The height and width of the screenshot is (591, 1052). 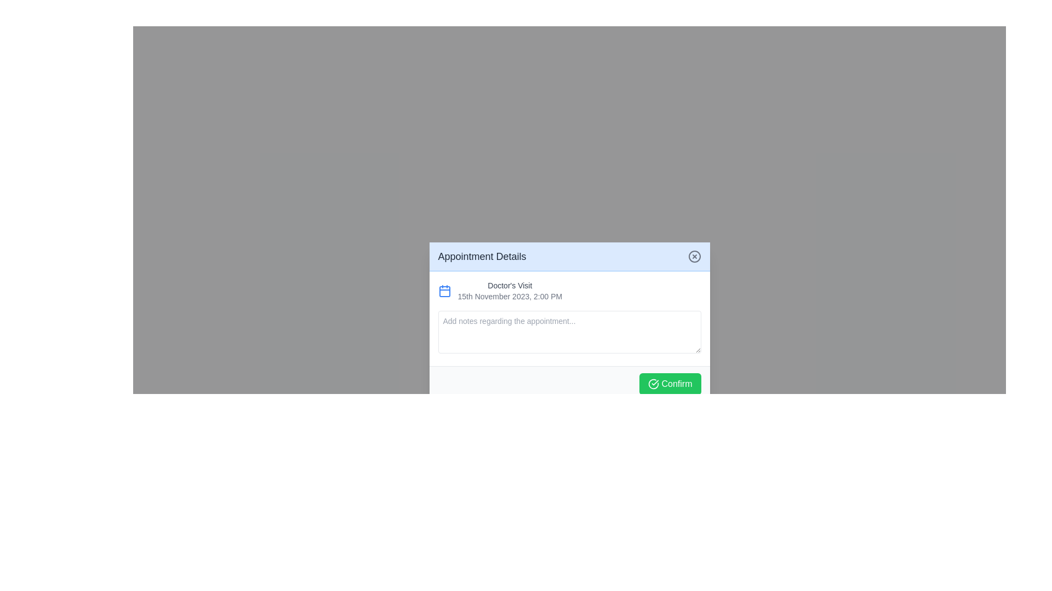 What do you see at coordinates (509, 290) in the screenshot?
I see `the 'Doctor's Visit' text label within the 'Appointment Details' modal, which displays the title in bold gray and the details in smaller lighter gray text` at bounding box center [509, 290].